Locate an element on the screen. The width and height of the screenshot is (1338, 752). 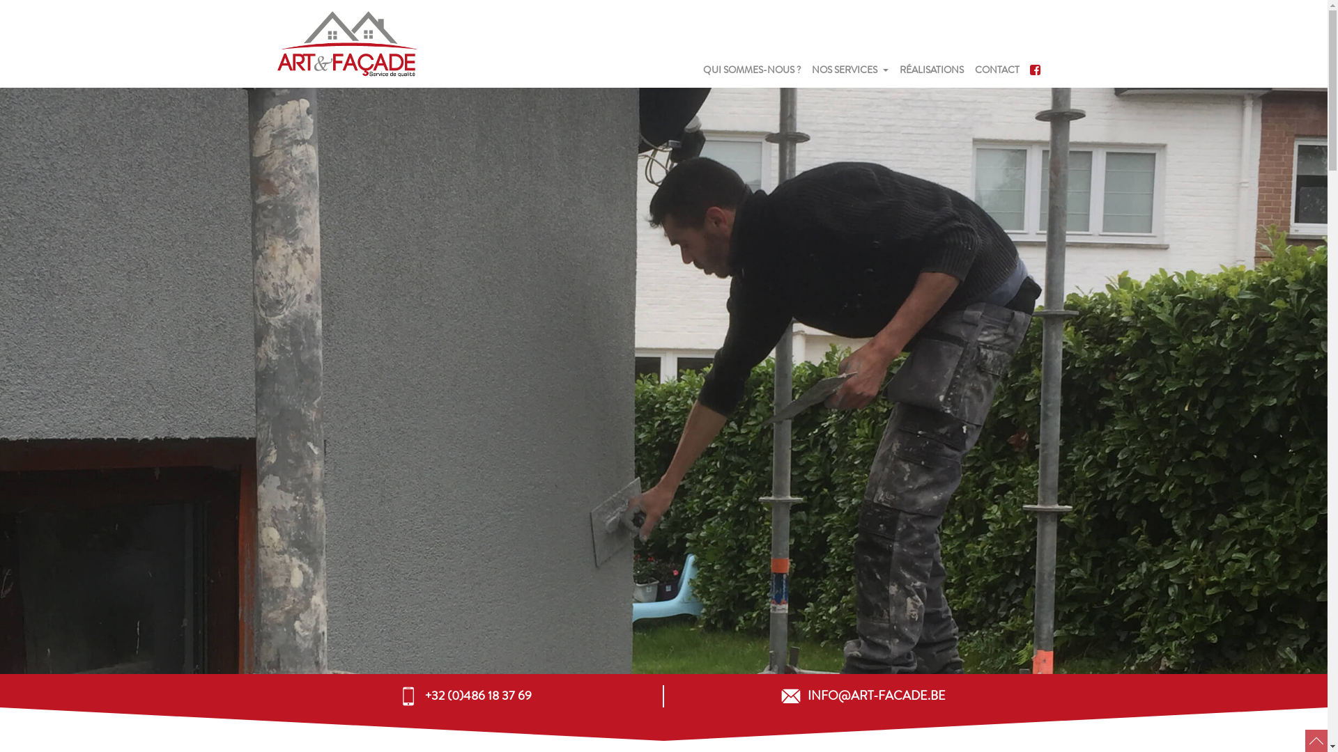
'CONTACT' is located at coordinates (996, 70).